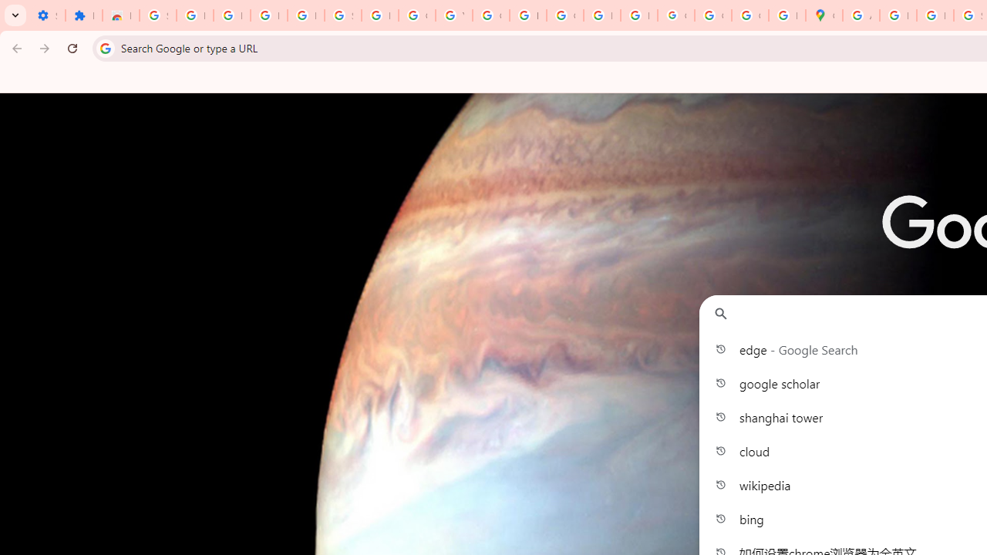  I want to click on 'Extensions', so click(83, 15).